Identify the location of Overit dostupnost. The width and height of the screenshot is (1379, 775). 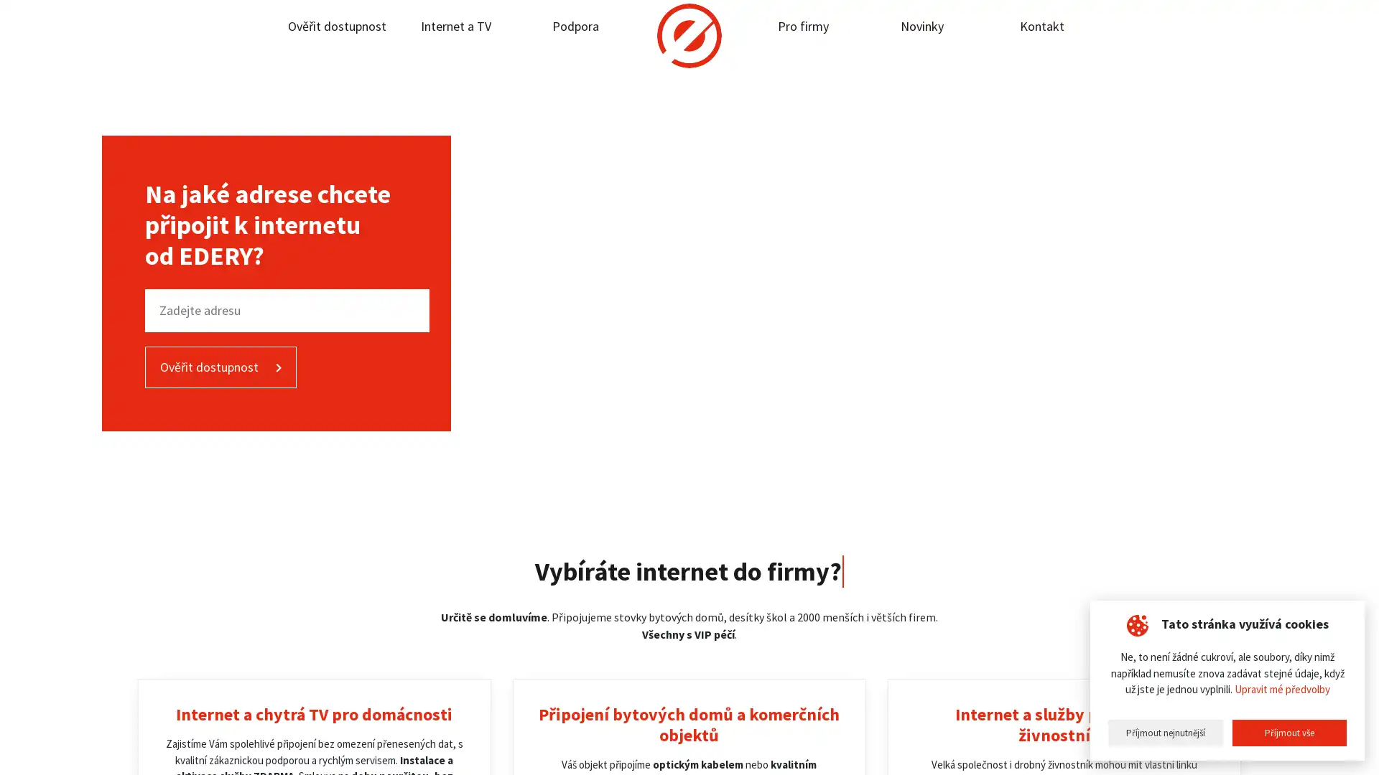
(220, 367).